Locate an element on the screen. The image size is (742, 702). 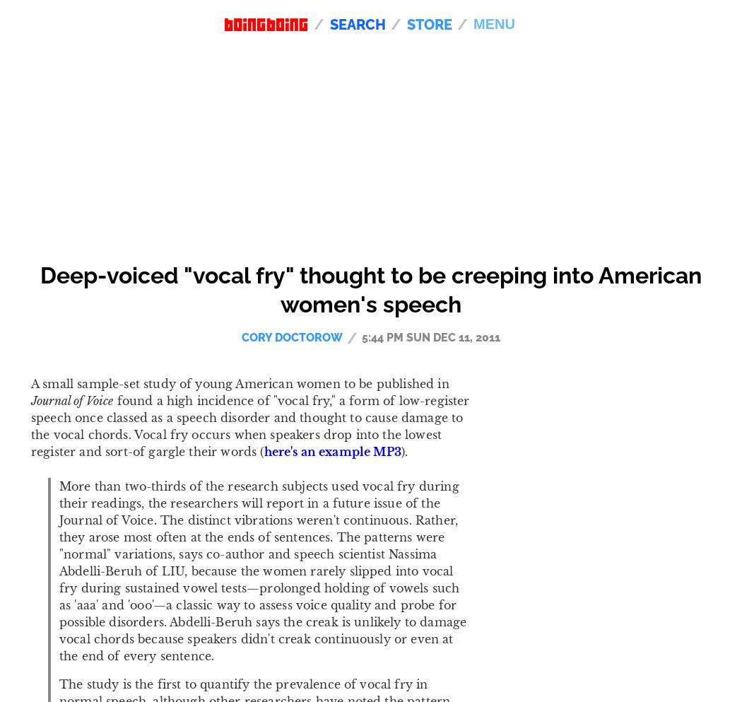
'SEARCH' is located at coordinates (330, 23).